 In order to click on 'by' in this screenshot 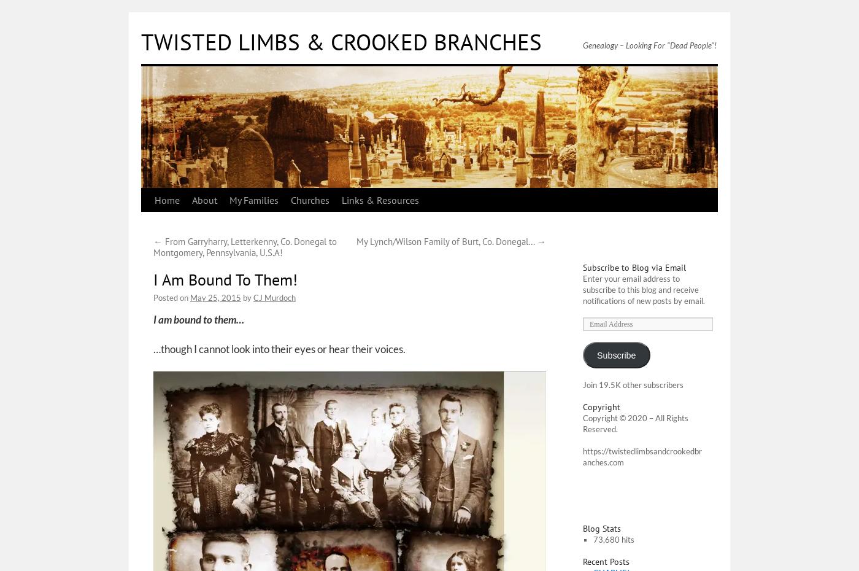, I will do `click(247, 296)`.